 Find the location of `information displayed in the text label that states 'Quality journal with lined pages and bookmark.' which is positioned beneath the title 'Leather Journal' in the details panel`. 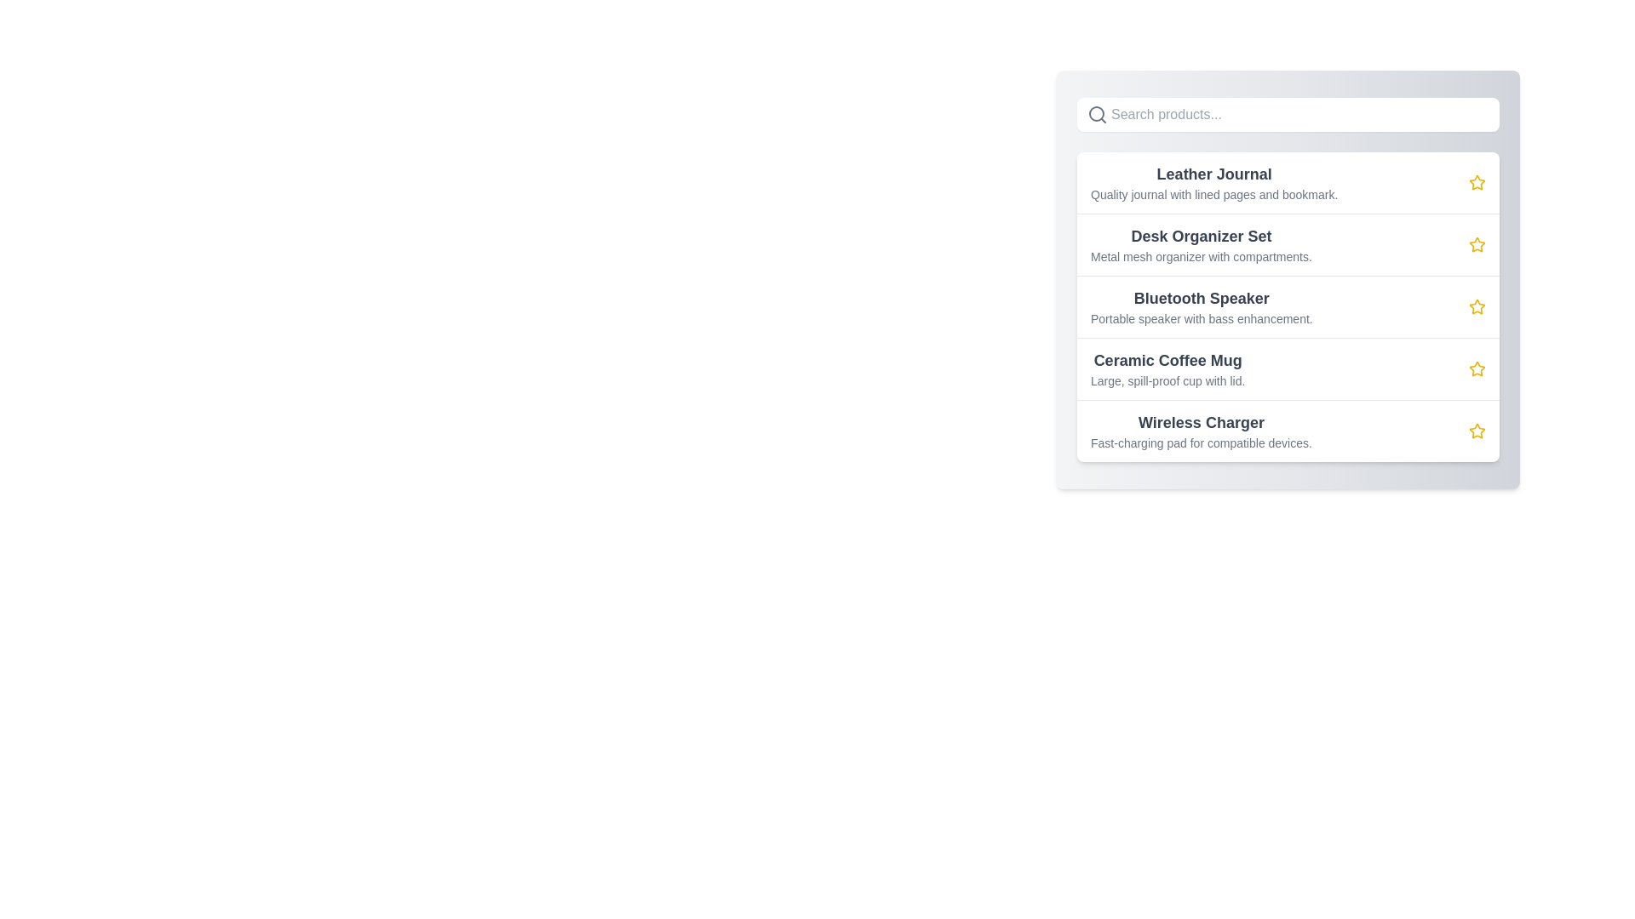

information displayed in the text label that states 'Quality journal with lined pages and bookmark.' which is positioned beneath the title 'Leather Journal' in the details panel is located at coordinates (1213, 193).